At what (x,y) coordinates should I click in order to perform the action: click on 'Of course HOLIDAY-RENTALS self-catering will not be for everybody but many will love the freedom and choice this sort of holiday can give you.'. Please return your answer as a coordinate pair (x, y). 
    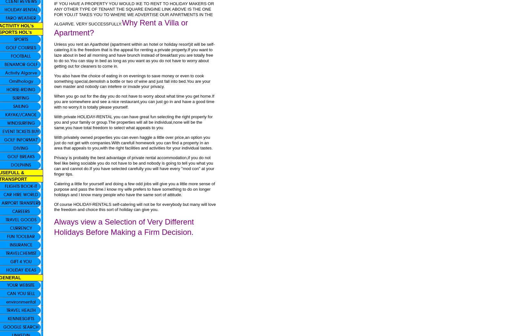
    Looking at the image, I should click on (134, 206).